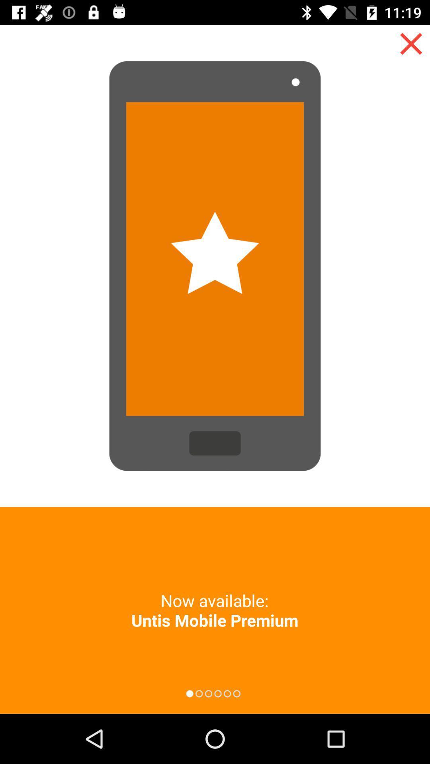  I want to click on window, so click(411, 43).